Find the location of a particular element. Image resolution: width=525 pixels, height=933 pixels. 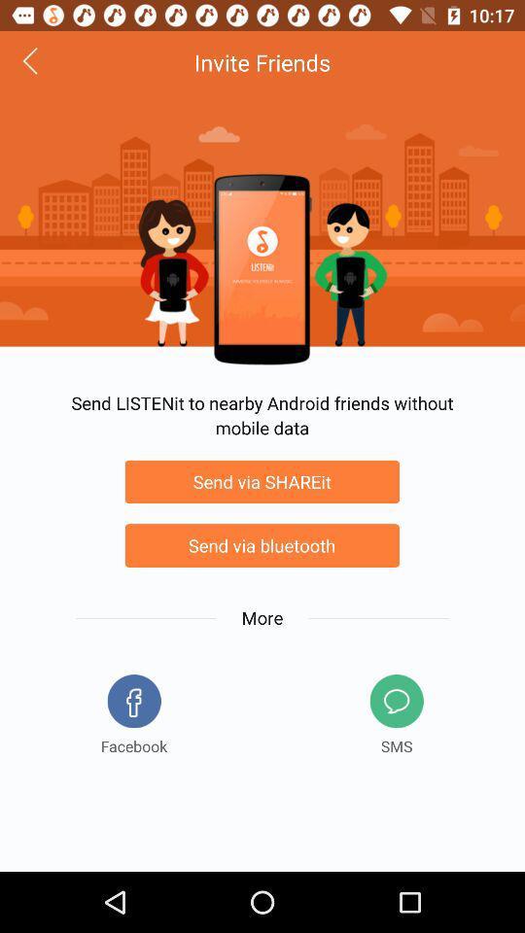

the arrow_backward icon is located at coordinates (30, 66).